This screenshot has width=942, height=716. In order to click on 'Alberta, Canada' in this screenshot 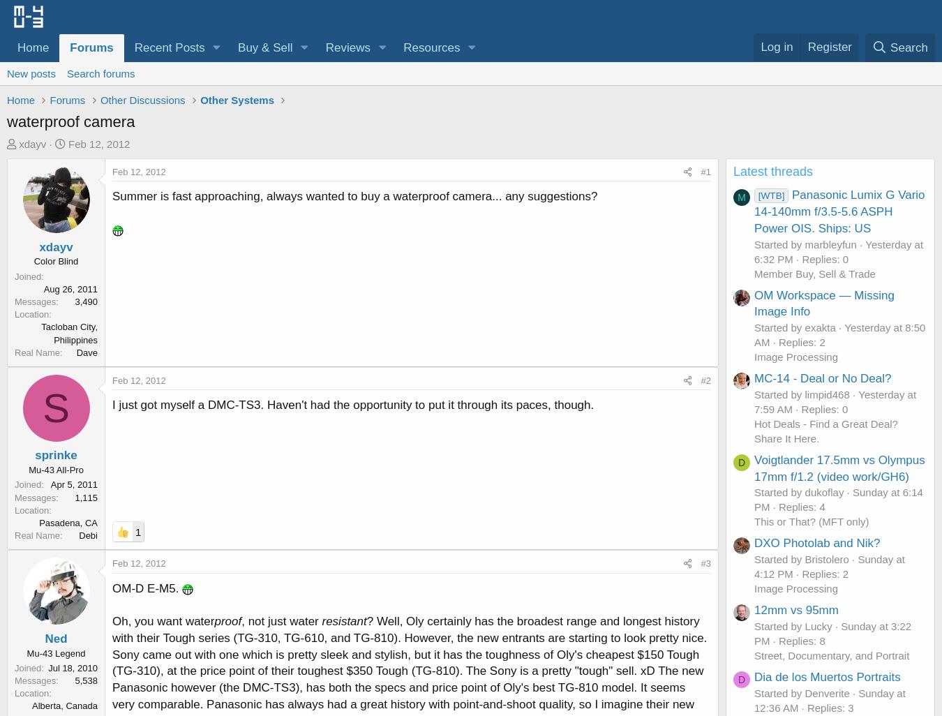, I will do `click(64, 705)`.